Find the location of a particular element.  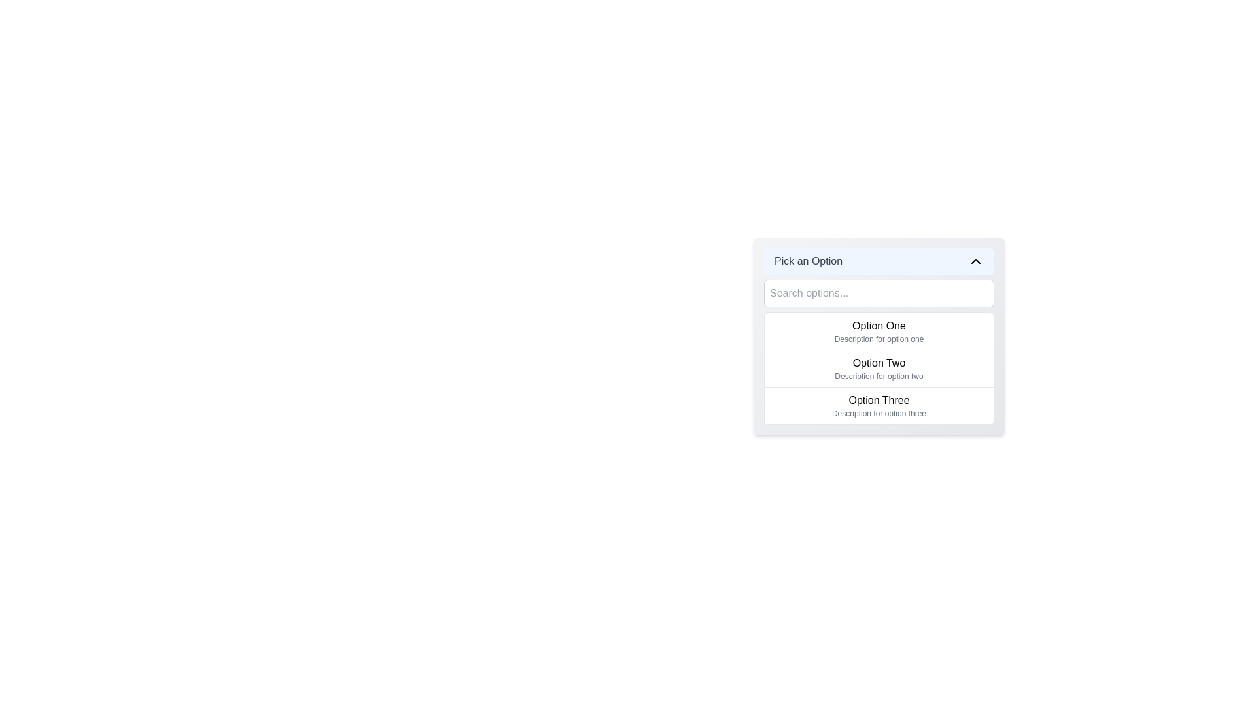

the second option is located at coordinates (879, 368).